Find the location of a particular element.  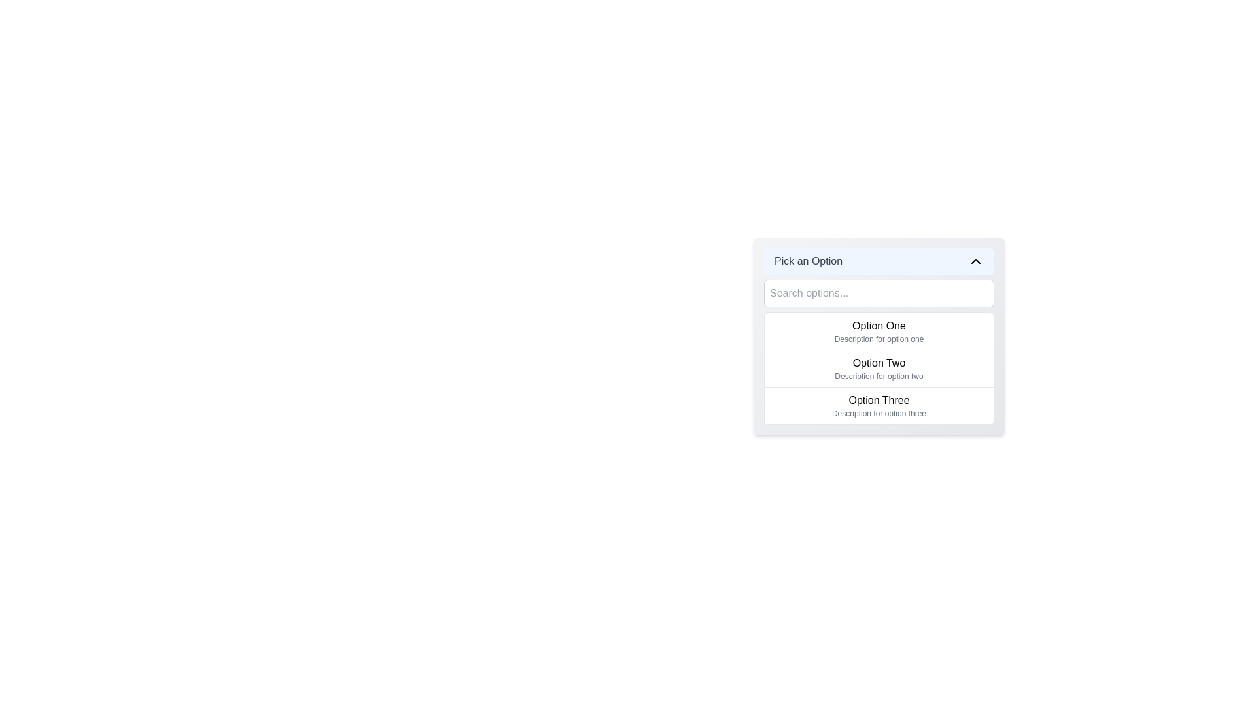

the second option is located at coordinates (879, 368).